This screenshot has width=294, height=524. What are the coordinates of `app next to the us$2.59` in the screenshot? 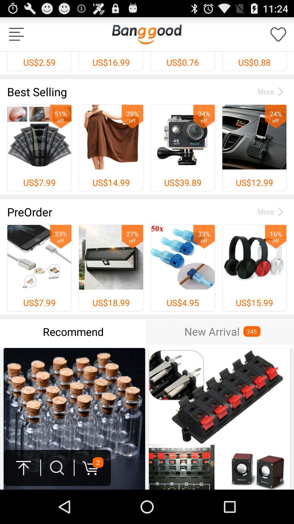 It's located at (146, 34).